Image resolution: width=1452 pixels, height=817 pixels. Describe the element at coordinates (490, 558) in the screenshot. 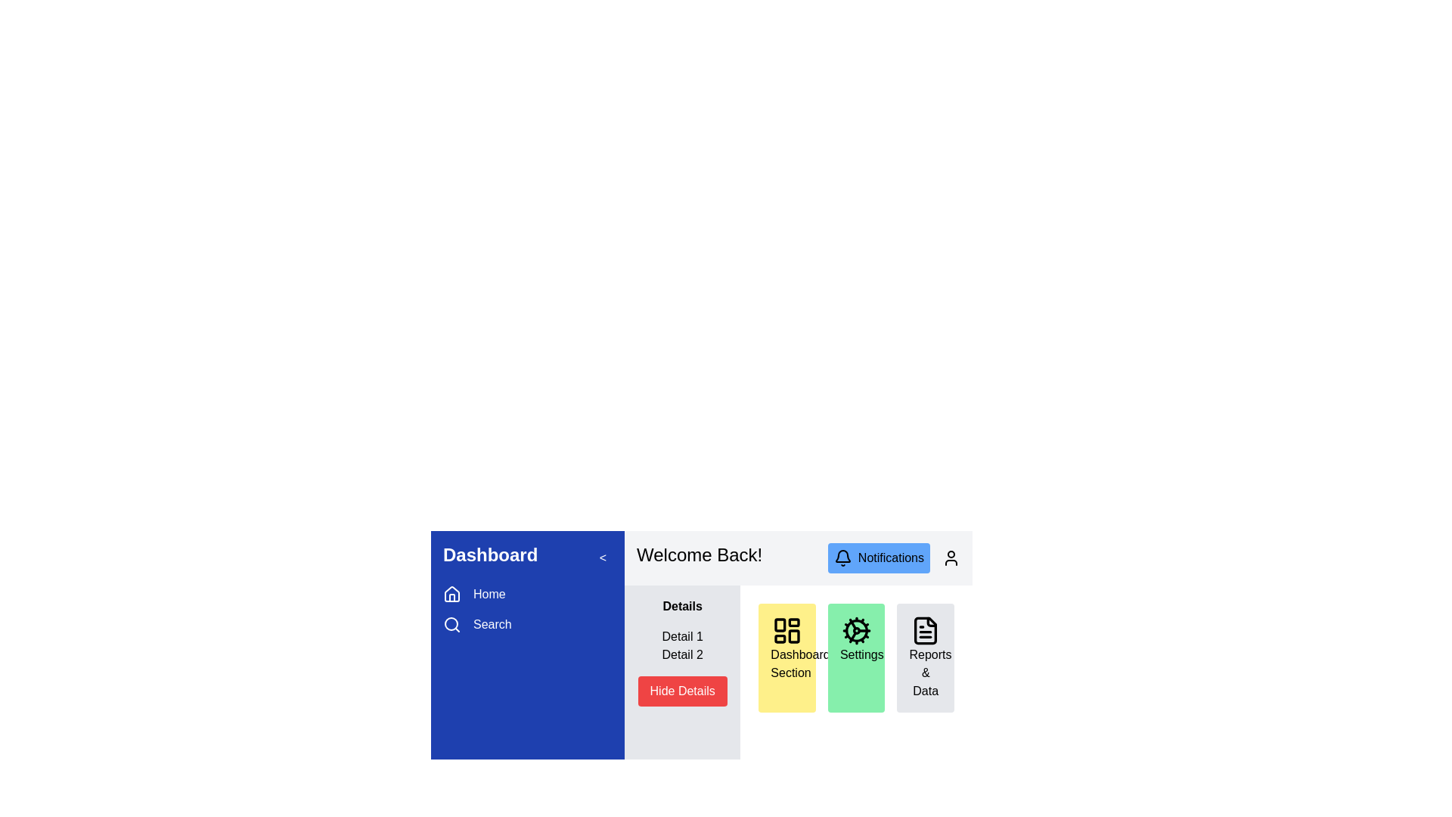

I see `the 'Dashboard' text label which is bold and large, positioned on a blue background in the top-left area of the application layout` at that location.